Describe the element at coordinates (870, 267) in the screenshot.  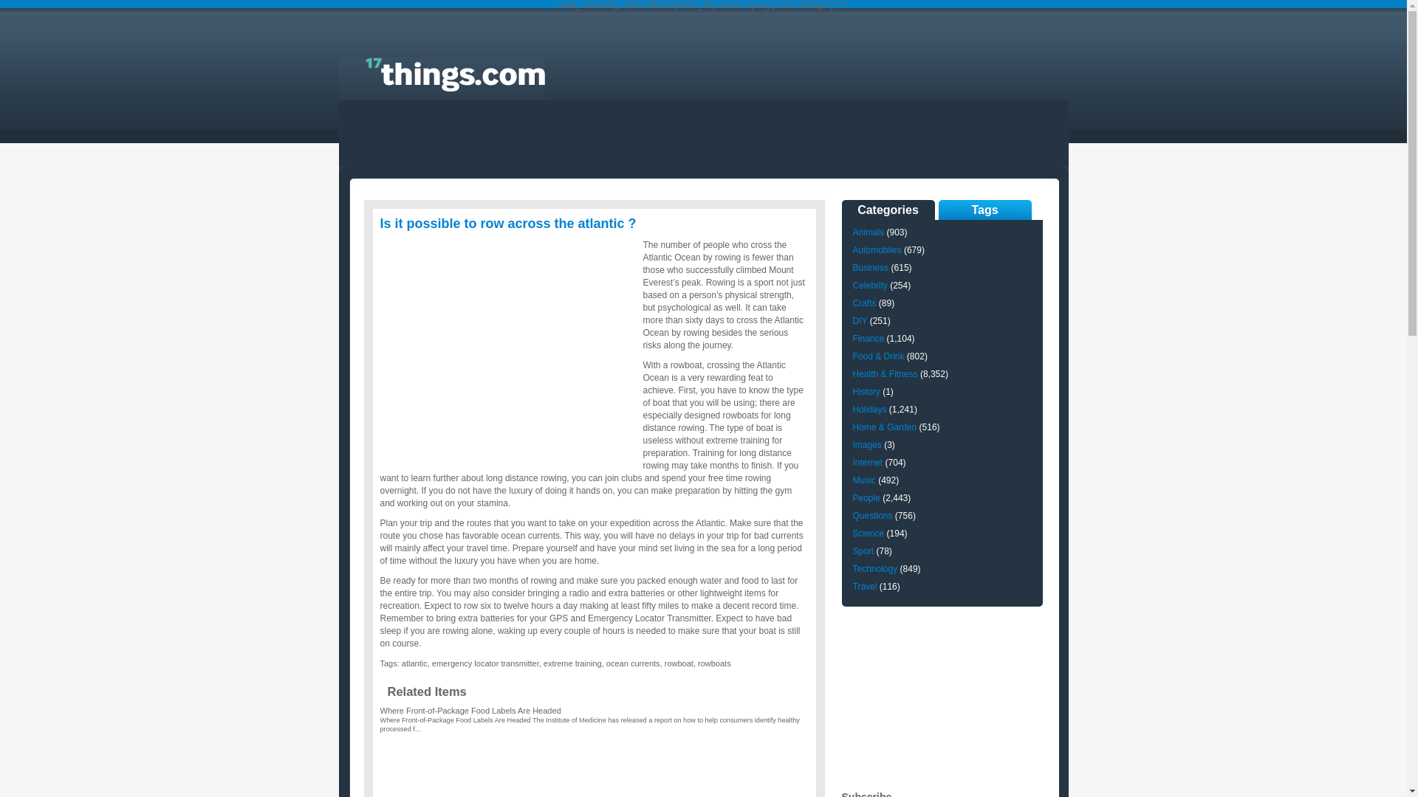
I see `'Business'` at that location.